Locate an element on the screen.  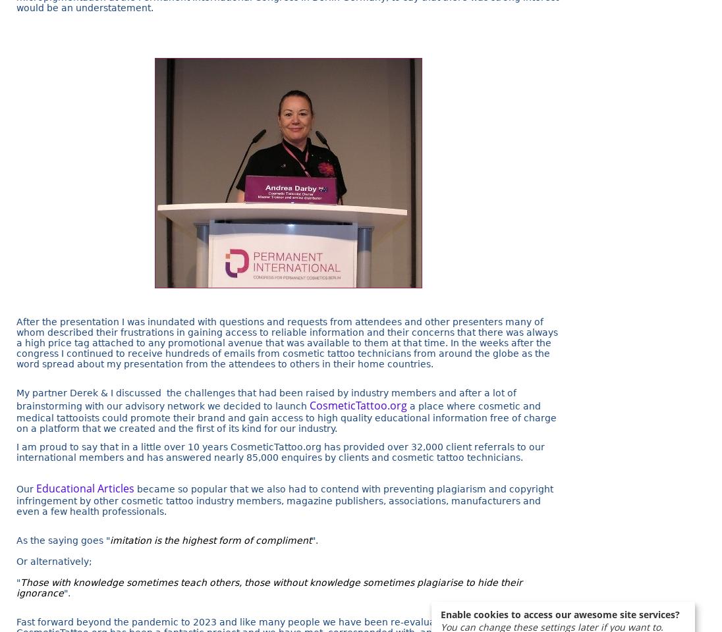
'As the saying goes "' is located at coordinates (63, 540).